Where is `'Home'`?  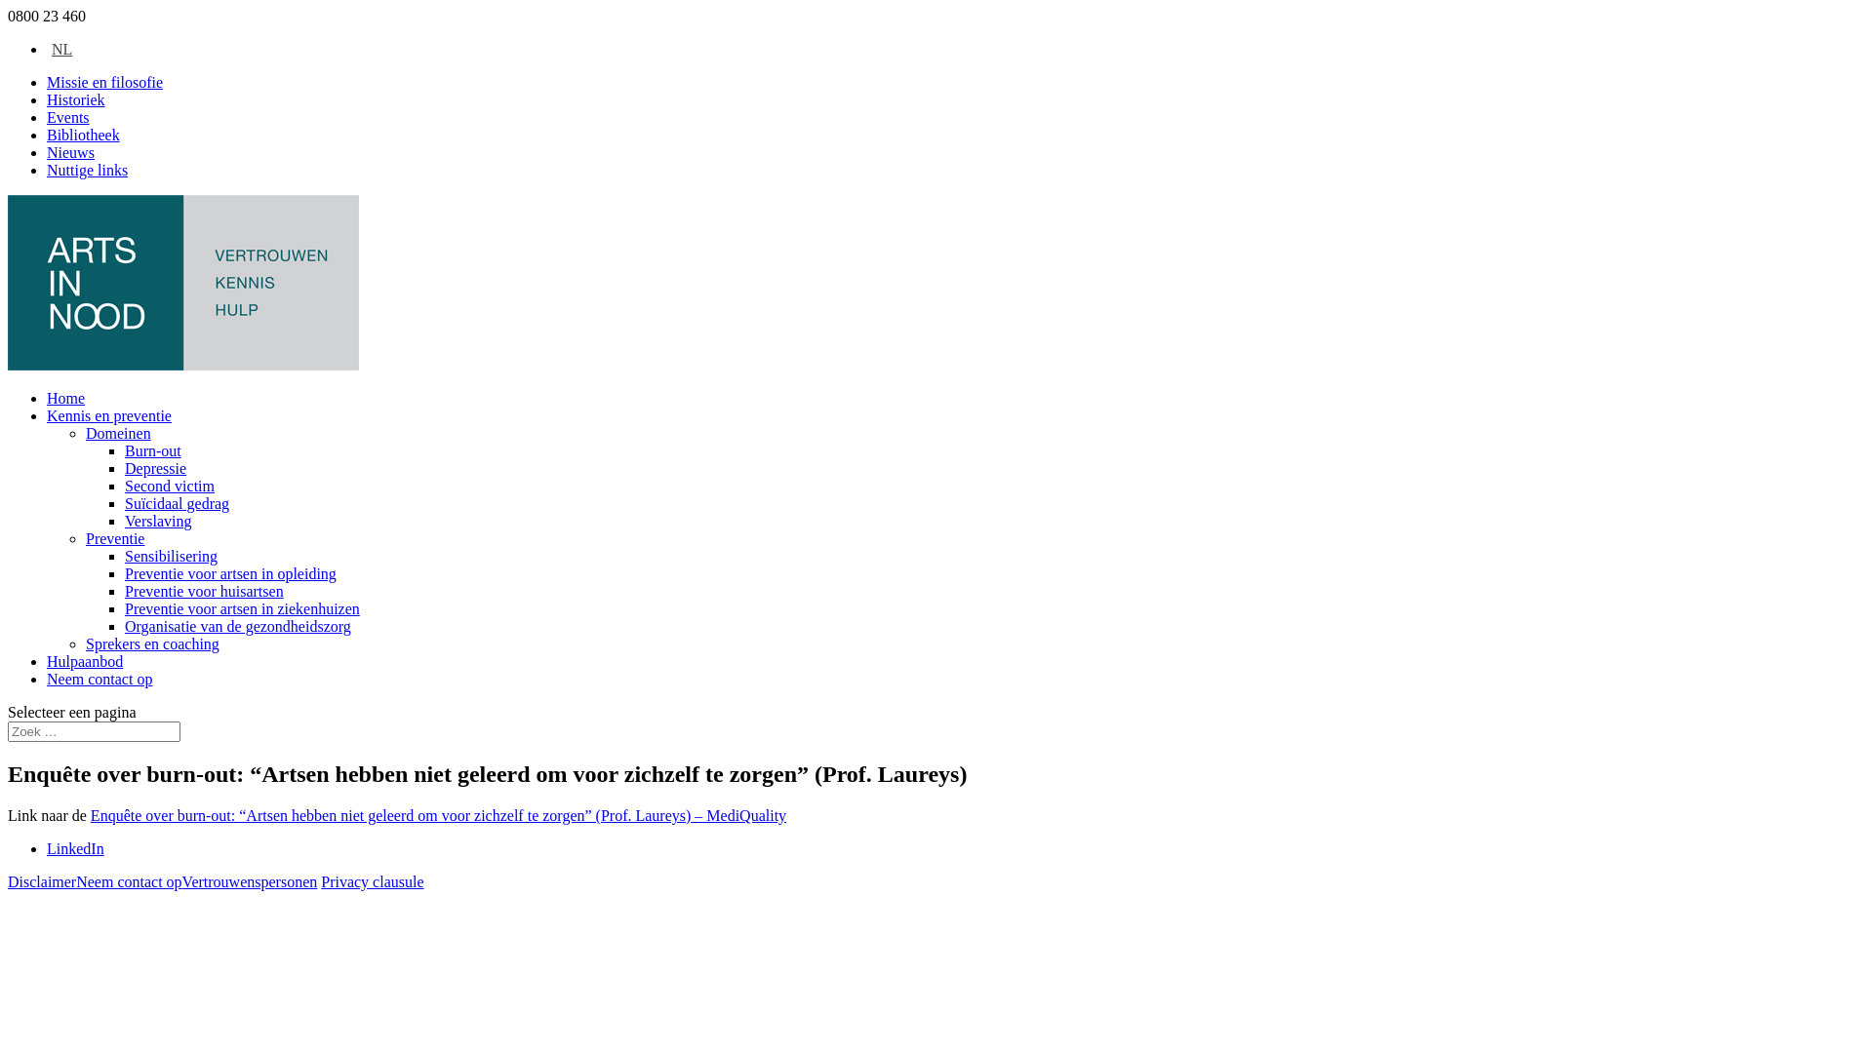 'Home' is located at coordinates (65, 397).